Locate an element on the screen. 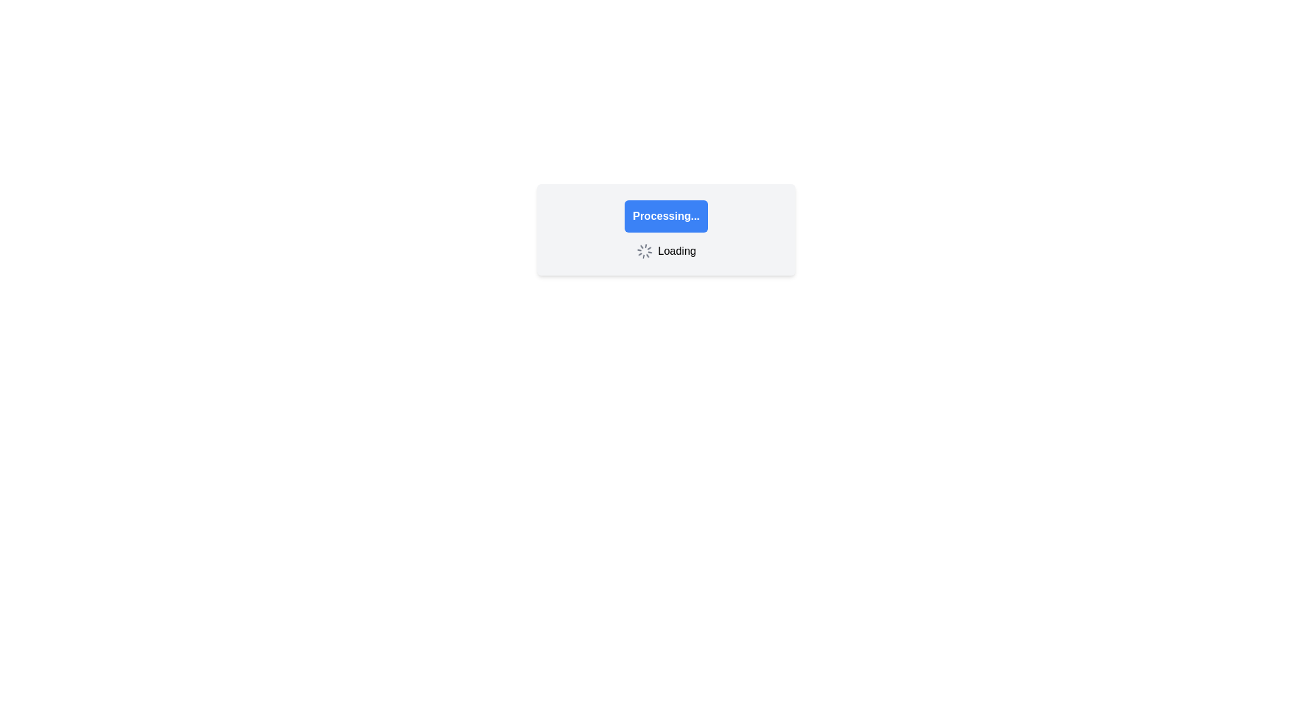  the spinning loader icon, which is a circular shape with short dashes styled in gray, positioned to the left of the 'Loading' text is located at coordinates (643, 251).